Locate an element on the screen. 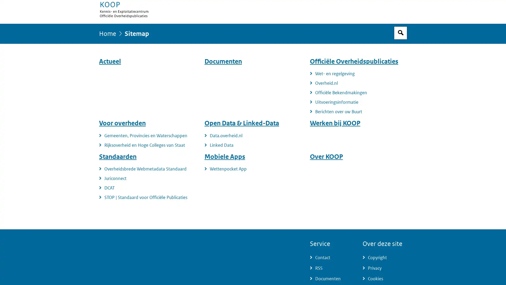 The image size is (506, 285). Open zoekveld is located at coordinates (401, 33).